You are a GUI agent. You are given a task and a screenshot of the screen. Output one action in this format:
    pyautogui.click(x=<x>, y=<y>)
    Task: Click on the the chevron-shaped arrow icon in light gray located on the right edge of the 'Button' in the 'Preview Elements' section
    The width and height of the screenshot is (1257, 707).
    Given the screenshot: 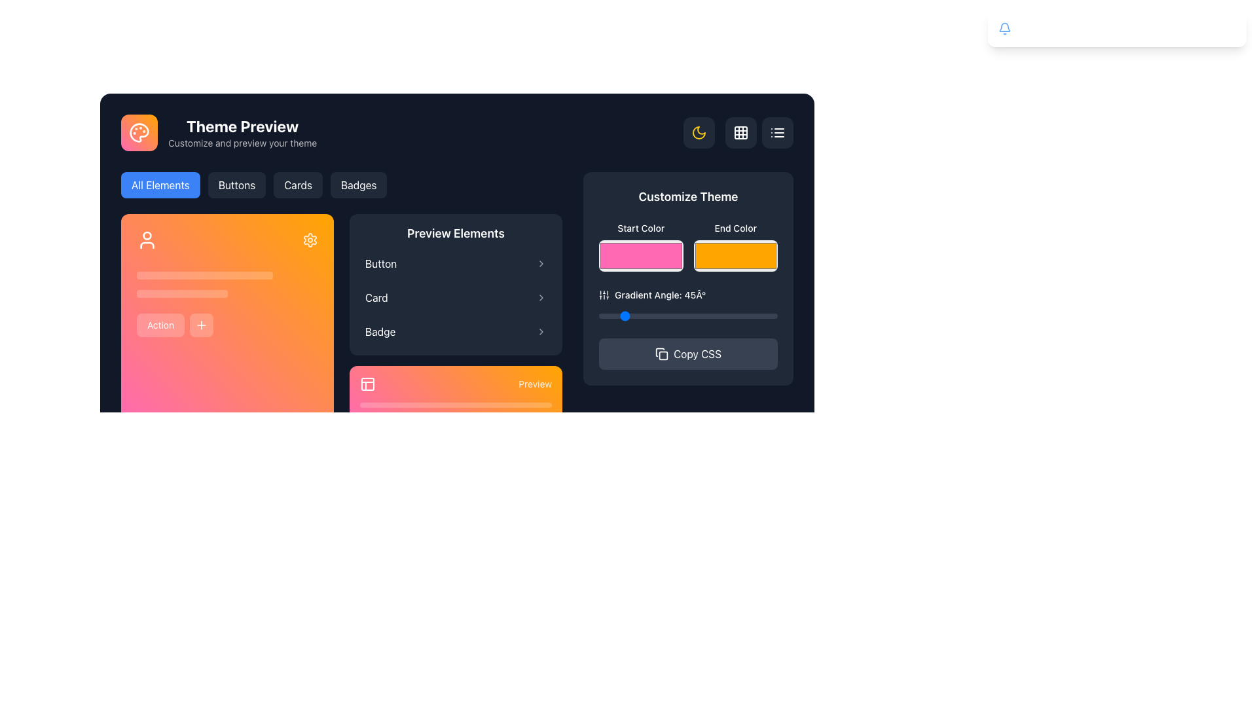 What is the action you would take?
    pyautogui.click(x=541, y=263)
    